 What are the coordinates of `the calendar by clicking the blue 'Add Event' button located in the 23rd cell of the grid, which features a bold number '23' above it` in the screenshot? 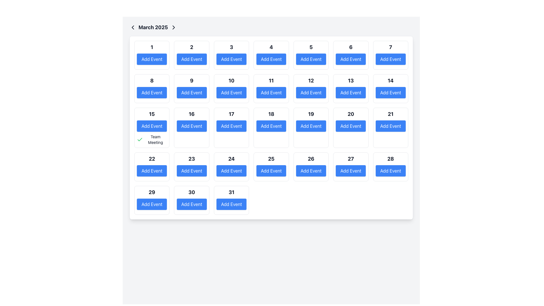 It's located at (192, 167).